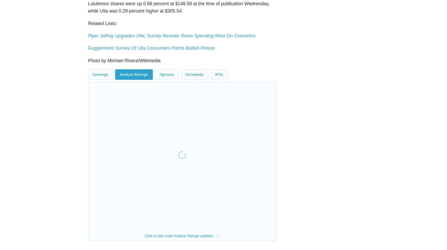 Image resolution: width=447 pixels, height=250 pixels. What do you see at coordinates (102, 36) in the screenshot?
I see `'Related Links:'` at bounding box center [102, 36].